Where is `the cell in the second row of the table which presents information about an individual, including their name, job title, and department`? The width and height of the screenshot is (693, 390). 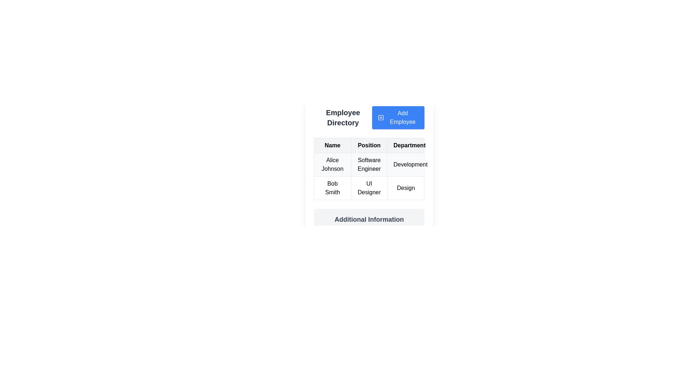
the cell in the second row of the table which presents information about an individual, including their name, job title, and department is located at coordinates (369, 176).